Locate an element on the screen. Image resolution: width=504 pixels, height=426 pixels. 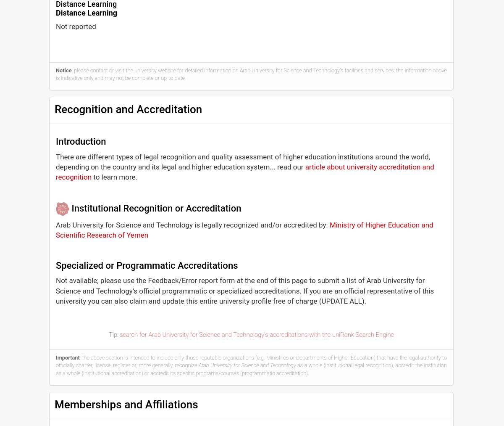
'article about university accreditation and recognition' is located at coordinates (55, 172).